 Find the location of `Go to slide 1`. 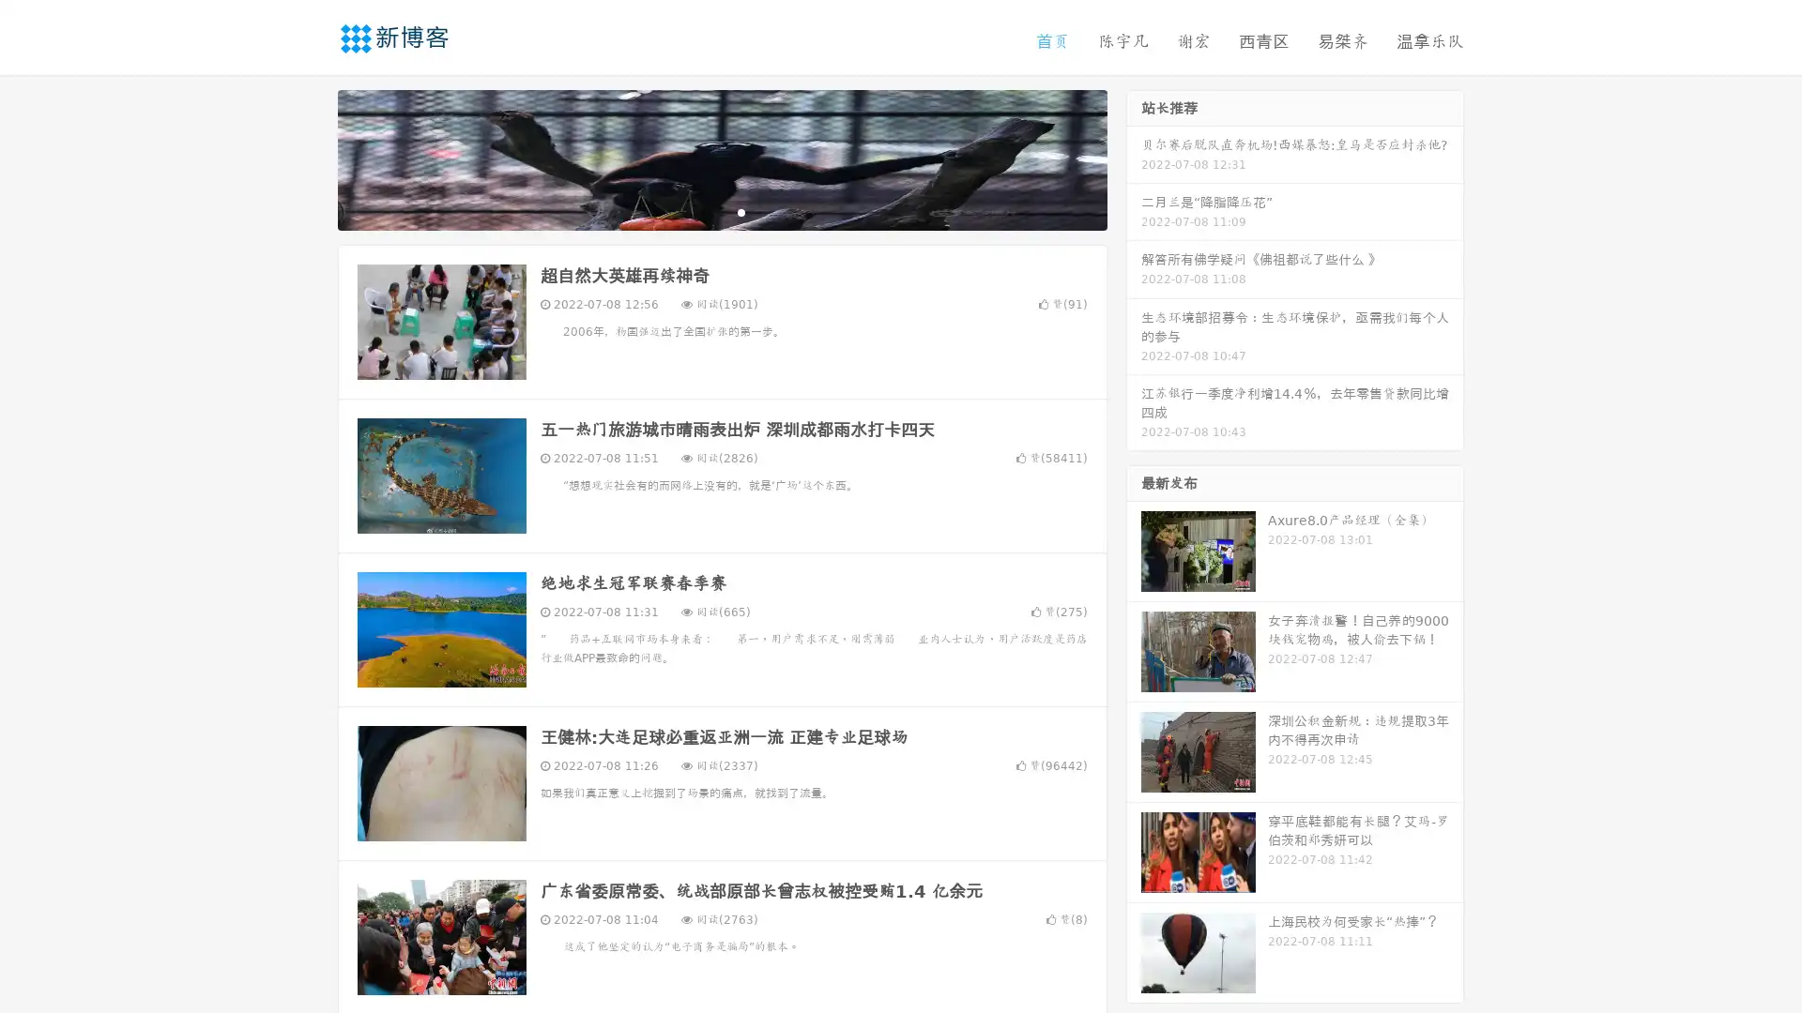

Go to slide 1 is located at coordinates (702, 211).